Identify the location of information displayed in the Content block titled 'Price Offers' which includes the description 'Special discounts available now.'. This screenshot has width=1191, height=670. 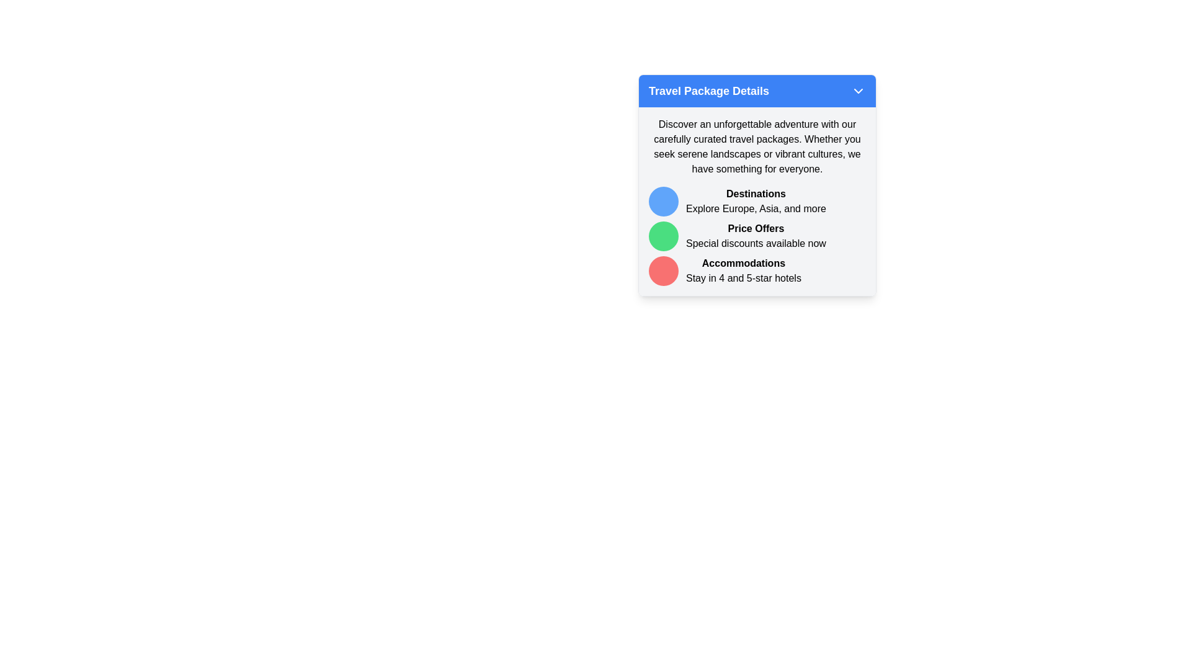
(756, 236).